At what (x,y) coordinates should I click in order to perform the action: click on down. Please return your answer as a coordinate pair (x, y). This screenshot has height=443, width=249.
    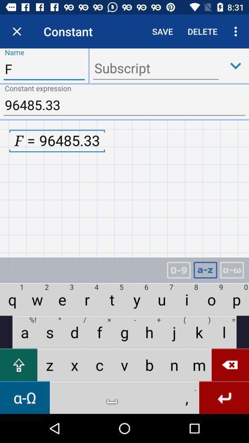
    Looking at the image, I should click on (236, 65).